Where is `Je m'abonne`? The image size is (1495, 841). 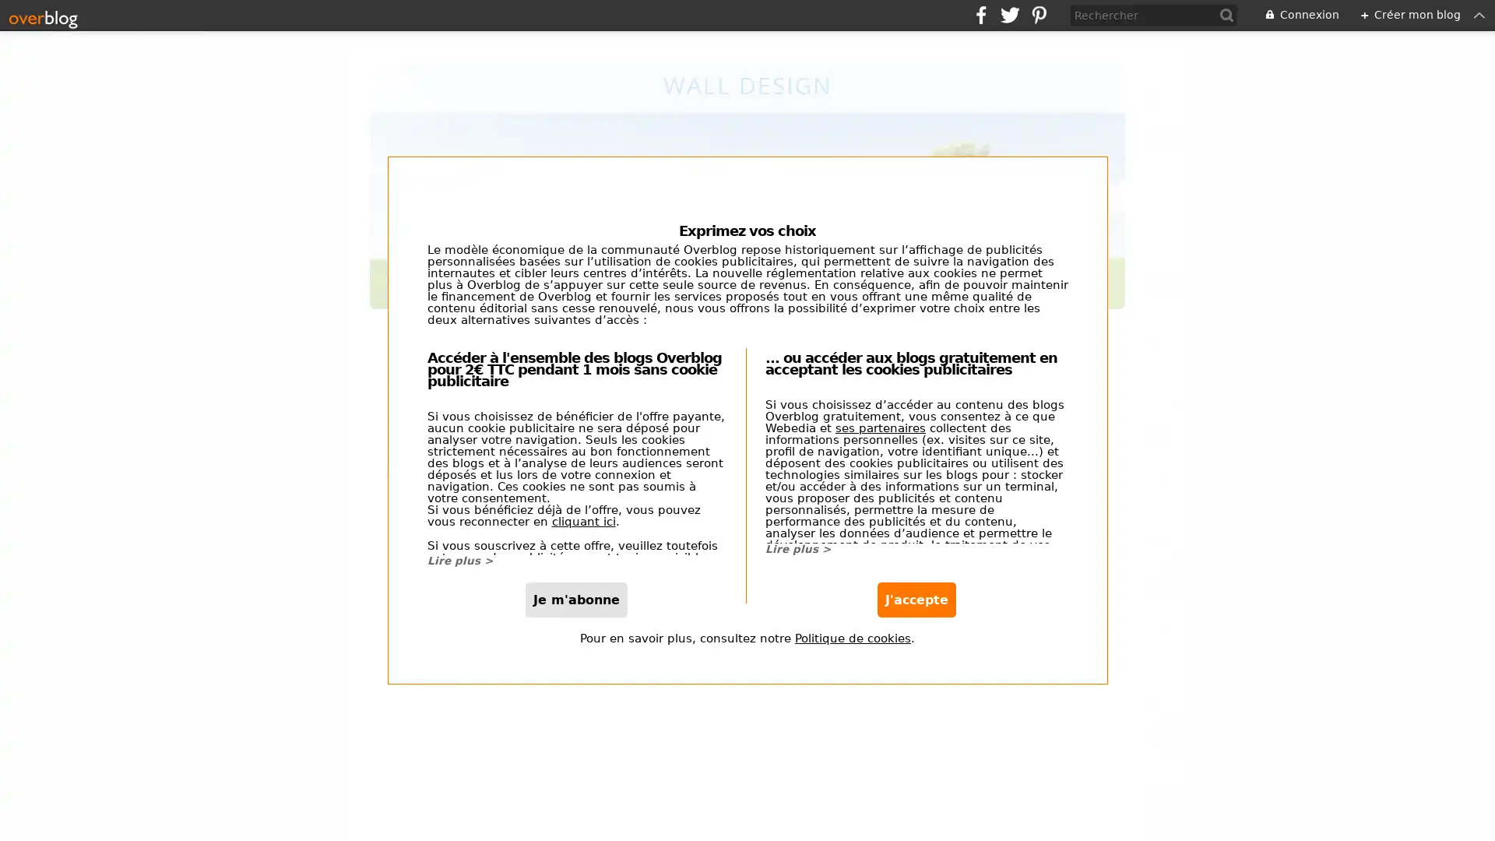
Je m'abonne is located at coordinates (575, 619).